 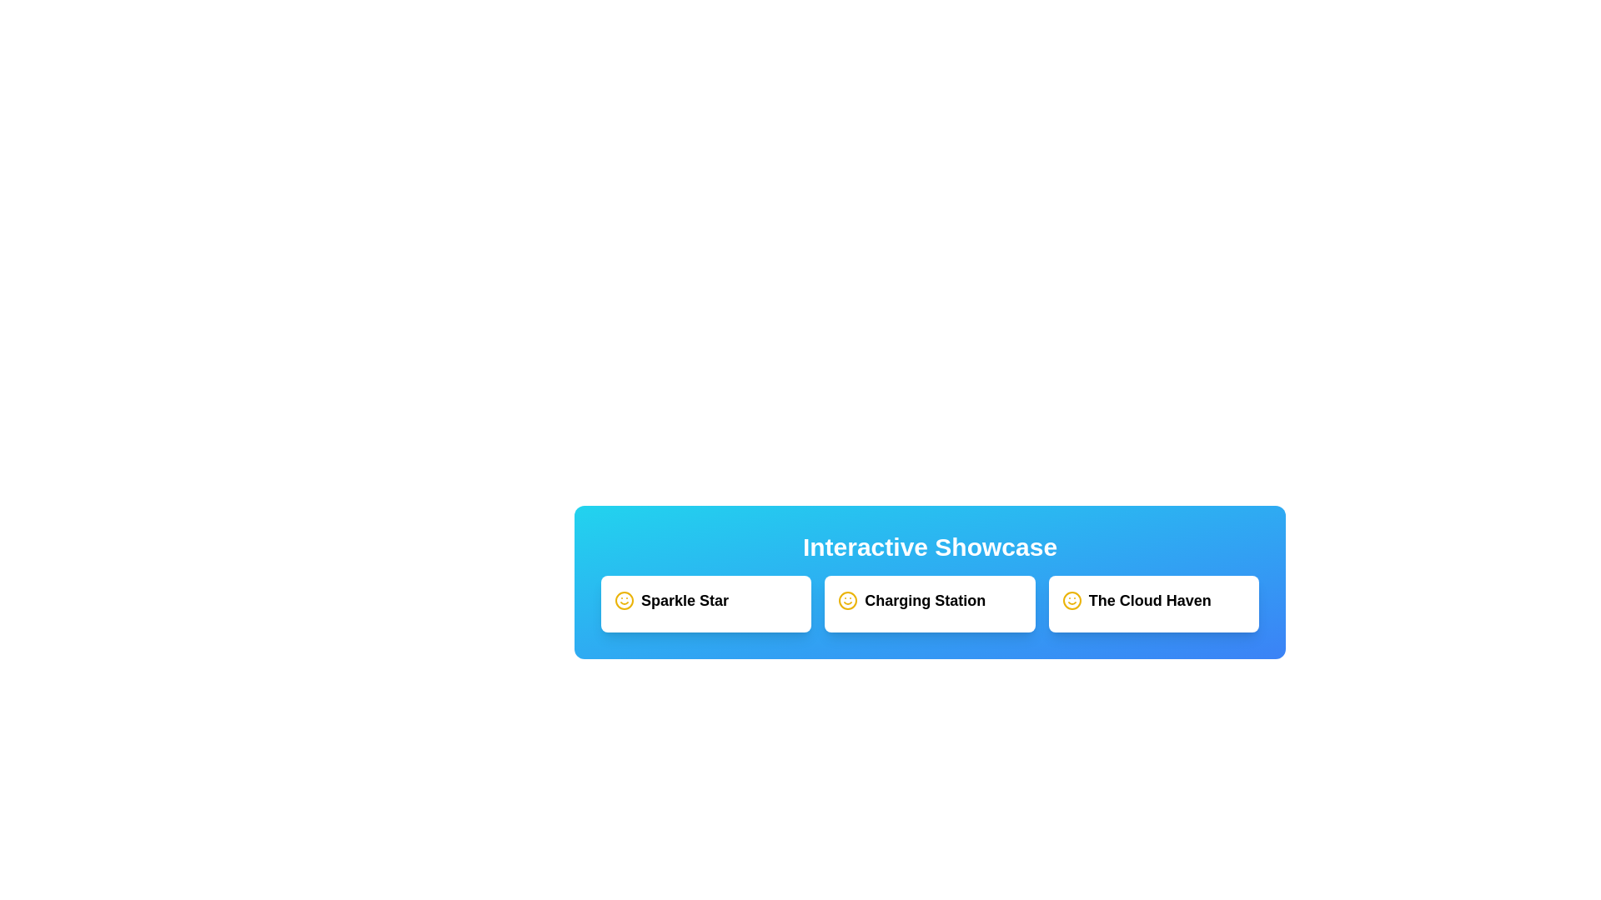 What do you see at coordinates (1072, 601) in the screenshot?
I see `the decorative icon for 'The Cloud Haven' section, which is located on the left side of the label in the rightmost box of the 'Interactive Showcase' section` at bounding box center [1072, 601].